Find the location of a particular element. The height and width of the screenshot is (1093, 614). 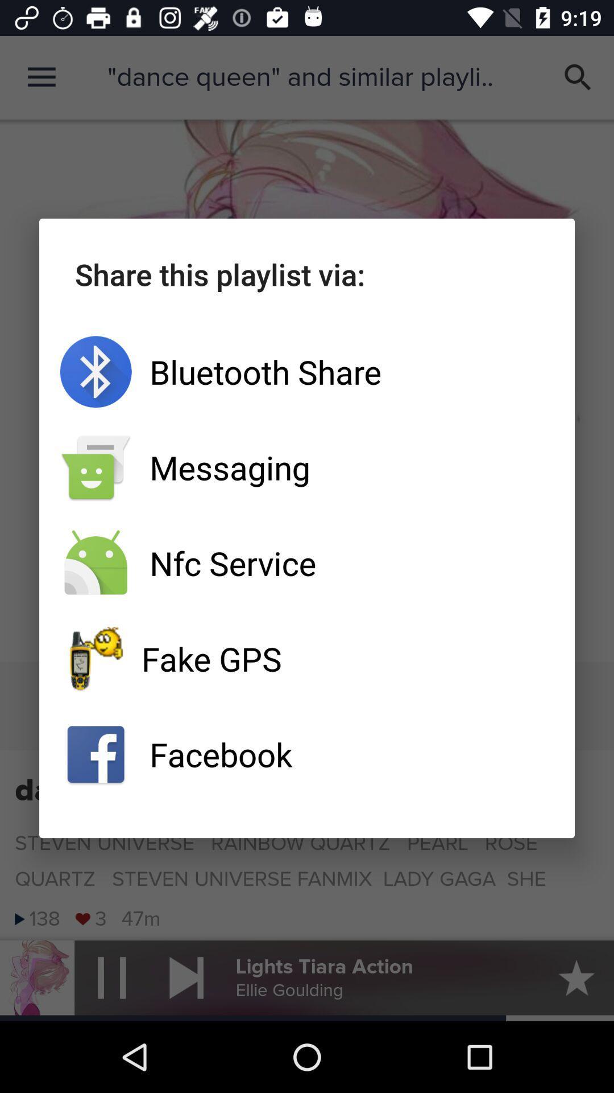

the item below the nfc service icon is located at coordinates (307, 659).